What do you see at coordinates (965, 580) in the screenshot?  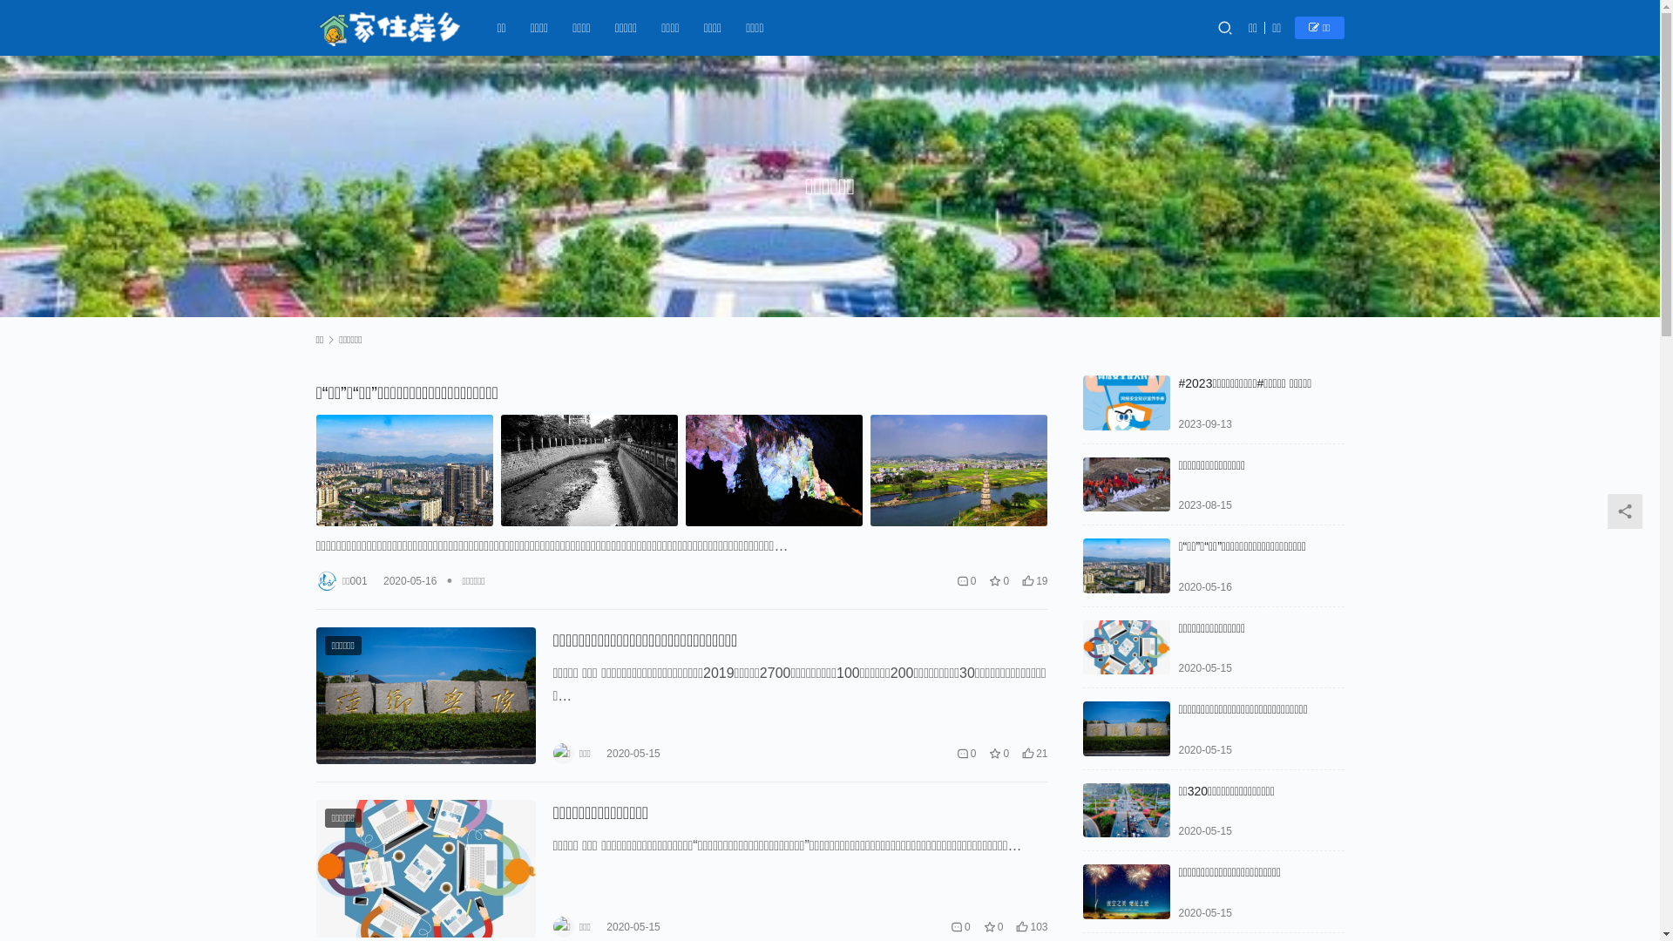 I see `'0'` at bounding box center [965, 580].